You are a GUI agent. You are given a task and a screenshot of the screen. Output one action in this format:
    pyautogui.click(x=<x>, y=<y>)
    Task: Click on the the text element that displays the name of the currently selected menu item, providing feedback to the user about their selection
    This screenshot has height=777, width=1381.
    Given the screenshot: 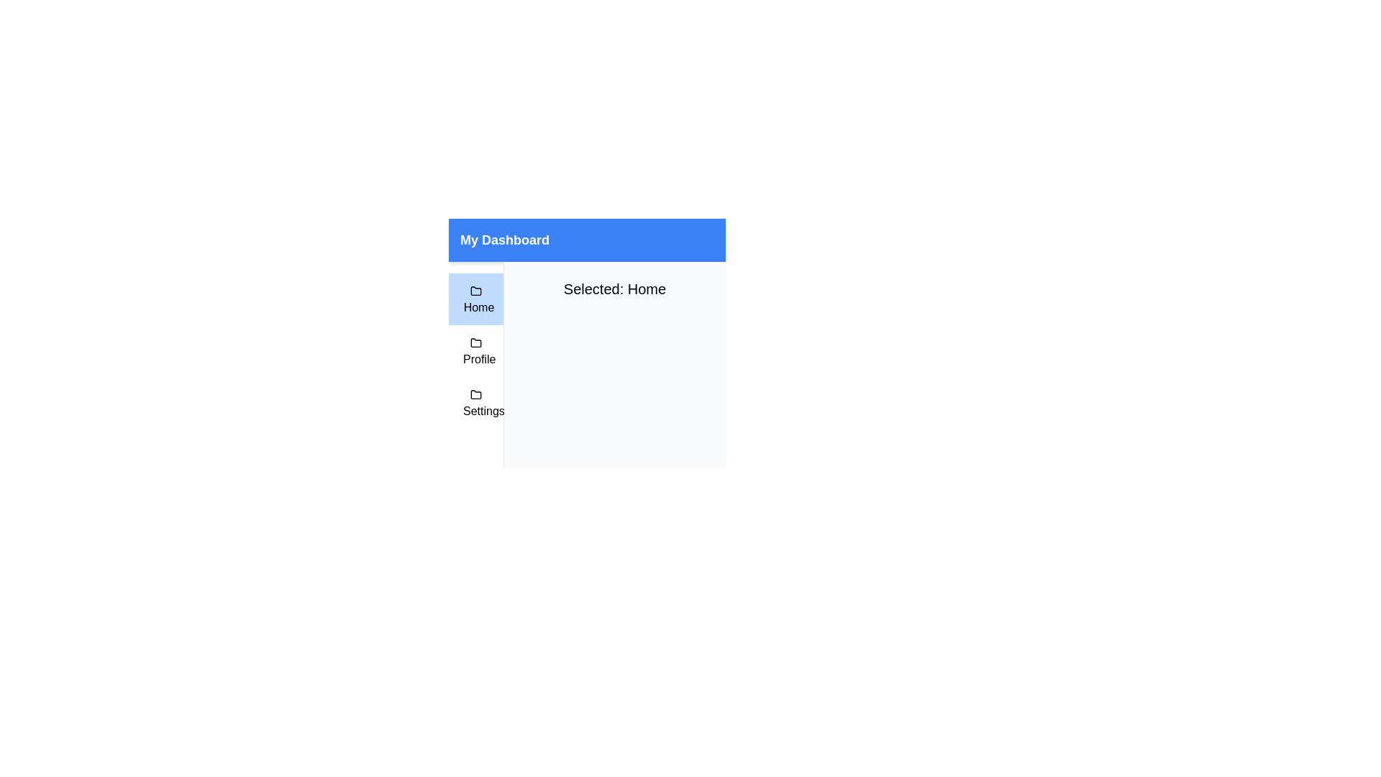 What is the action you would take?
    pyautogui.click(x=614, y=288)
    